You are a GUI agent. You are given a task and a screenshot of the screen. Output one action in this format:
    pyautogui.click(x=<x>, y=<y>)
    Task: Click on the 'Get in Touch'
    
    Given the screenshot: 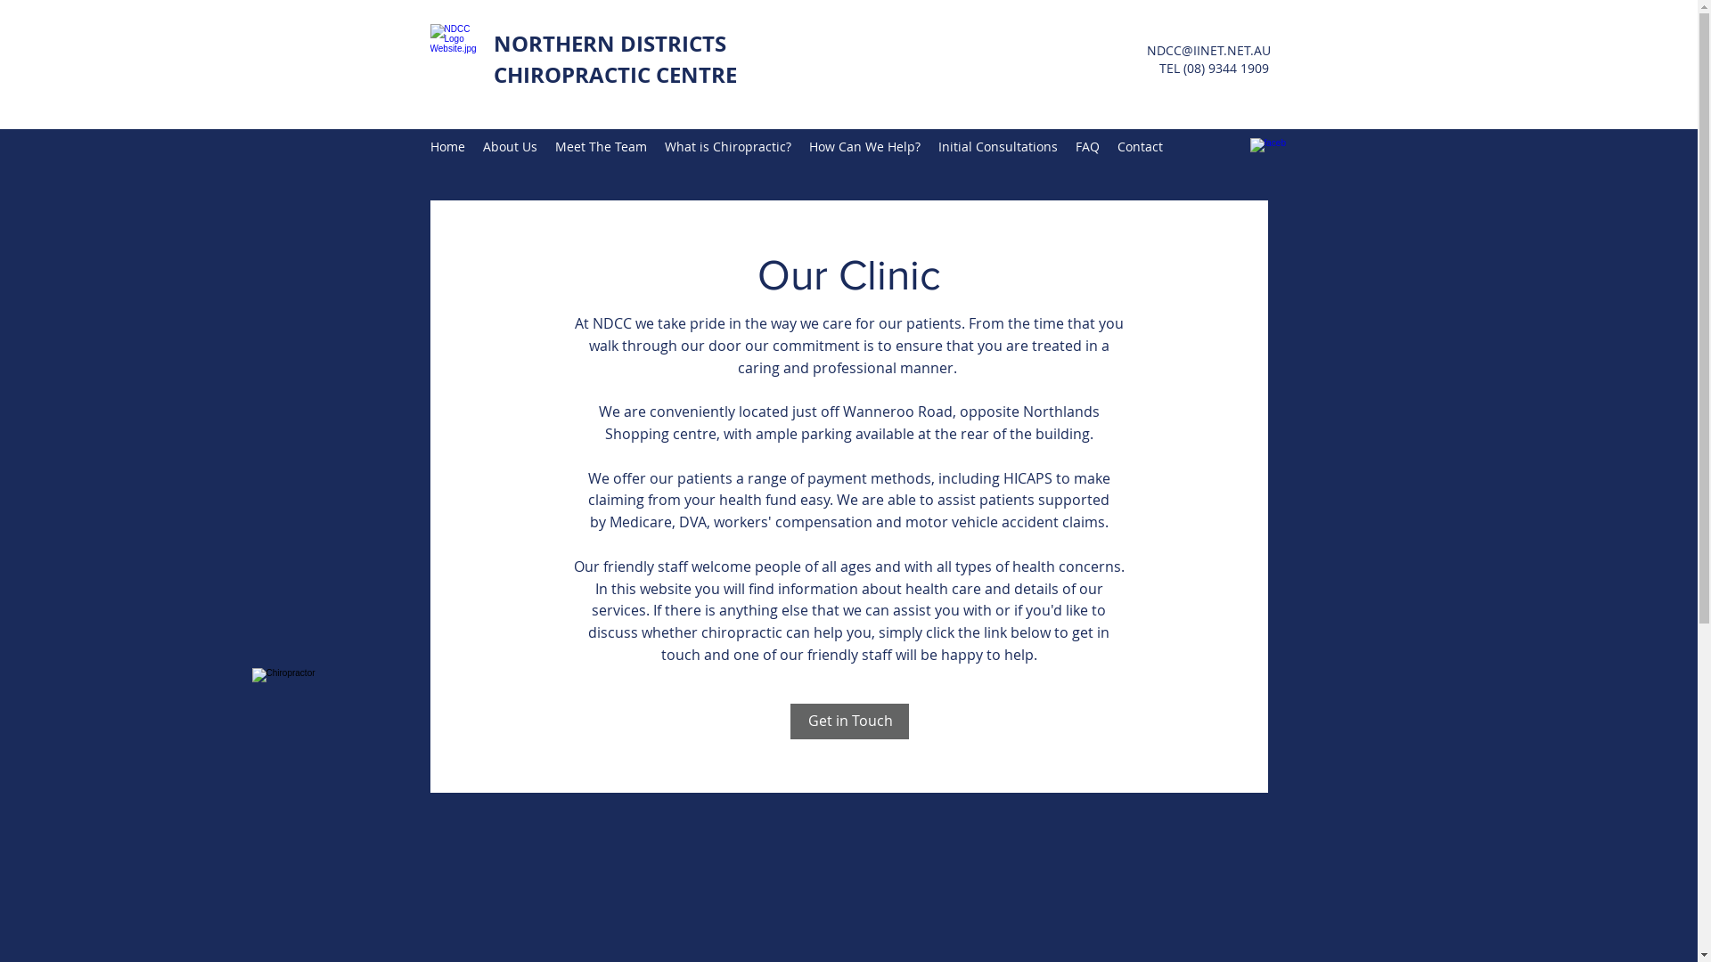 What is the action you would take?
    pyautogui.click(x=847, y=721)
    